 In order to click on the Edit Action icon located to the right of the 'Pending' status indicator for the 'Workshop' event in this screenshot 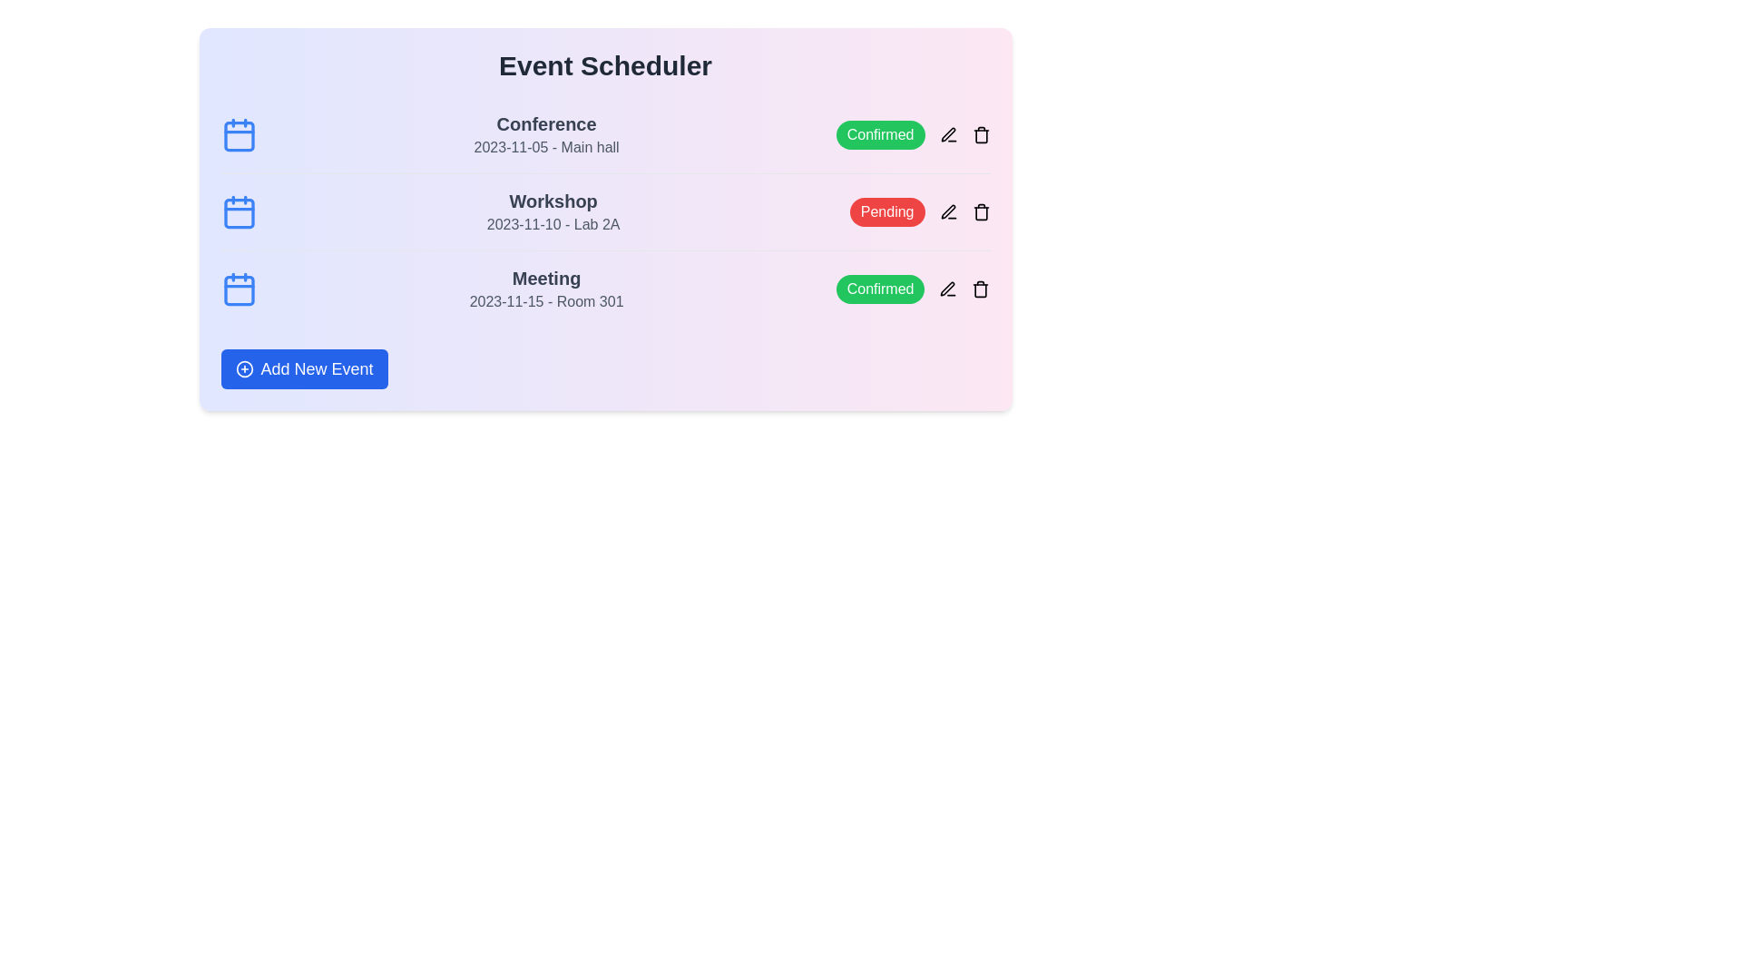, I will do `click(947, 133)`.